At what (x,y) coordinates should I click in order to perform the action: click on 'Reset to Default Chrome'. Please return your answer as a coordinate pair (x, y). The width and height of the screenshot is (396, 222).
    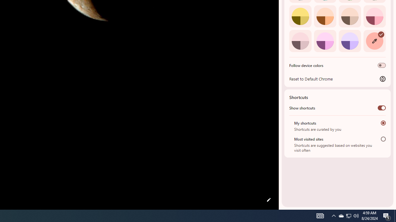
    Looking at the image, I should click on (337, 78).